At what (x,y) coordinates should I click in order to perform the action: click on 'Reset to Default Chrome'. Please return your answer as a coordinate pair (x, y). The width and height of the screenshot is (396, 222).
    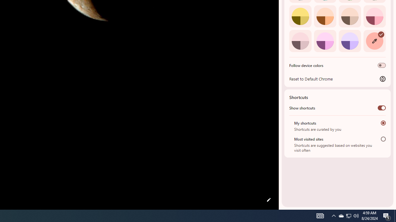
    Looking at the image, I should click on (337, 78).